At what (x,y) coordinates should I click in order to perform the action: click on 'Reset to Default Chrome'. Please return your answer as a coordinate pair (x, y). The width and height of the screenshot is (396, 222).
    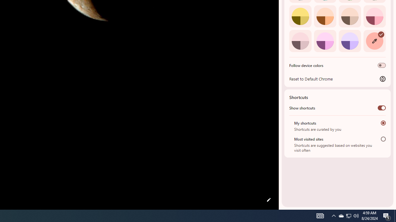
    Looking at the image, I should click on (337, 78).